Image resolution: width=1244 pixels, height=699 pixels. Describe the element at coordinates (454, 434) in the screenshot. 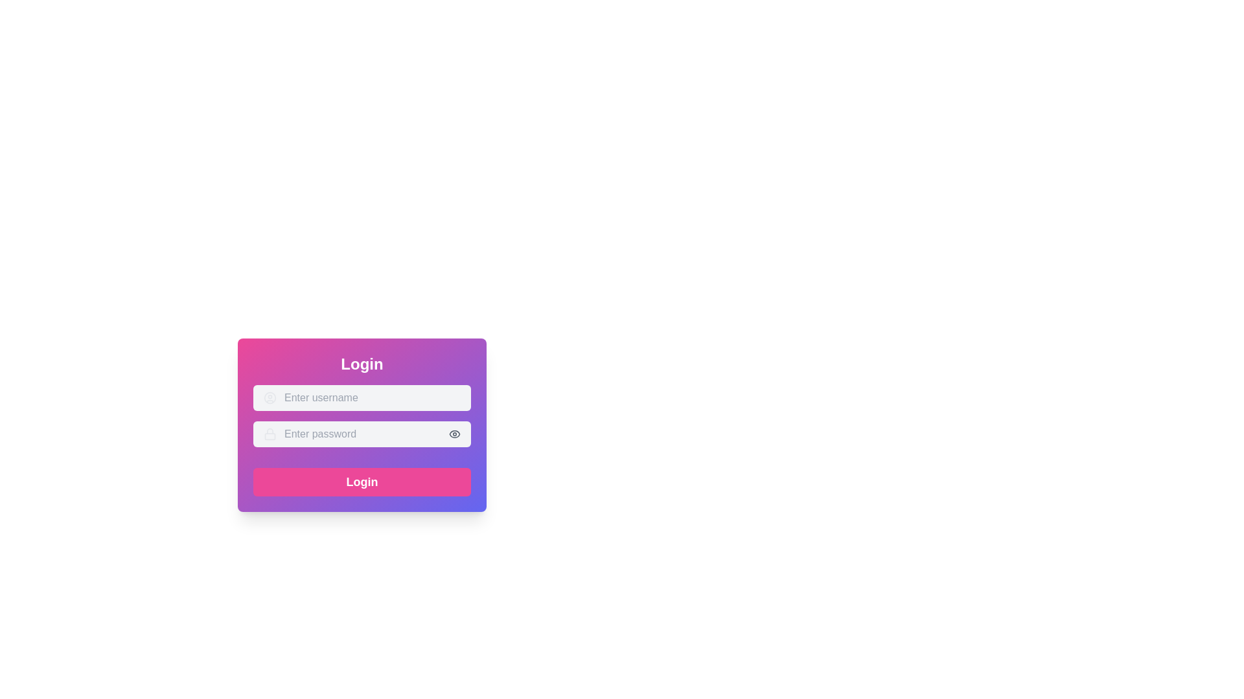

I see `the eye icon button for toggling password visibility, located inside the password input field on the right side` at that location.